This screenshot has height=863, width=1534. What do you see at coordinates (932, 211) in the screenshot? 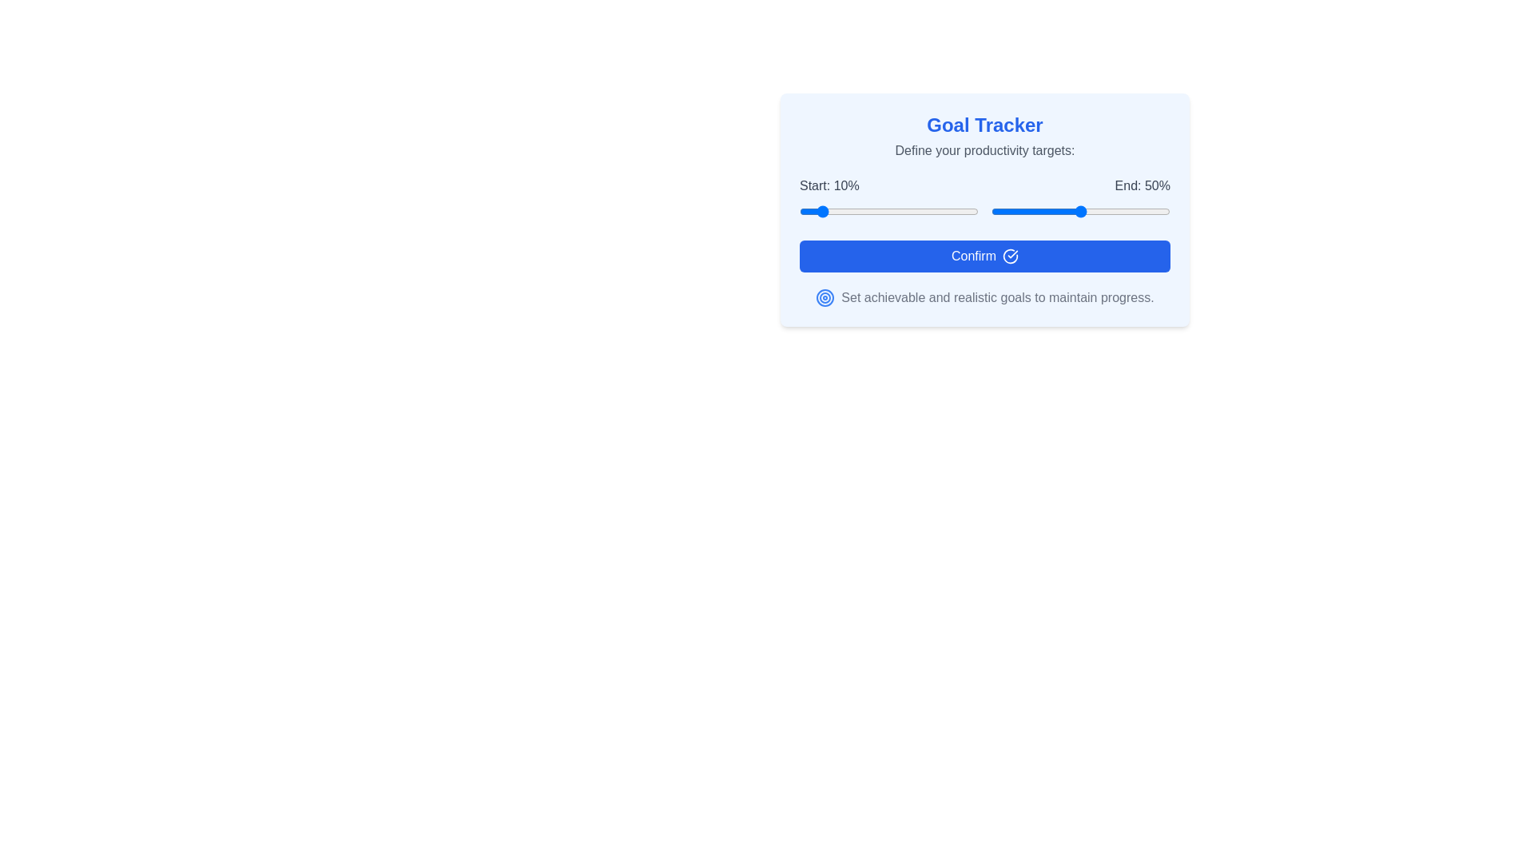
I see `the slider value` at bounding box center [932, 211].